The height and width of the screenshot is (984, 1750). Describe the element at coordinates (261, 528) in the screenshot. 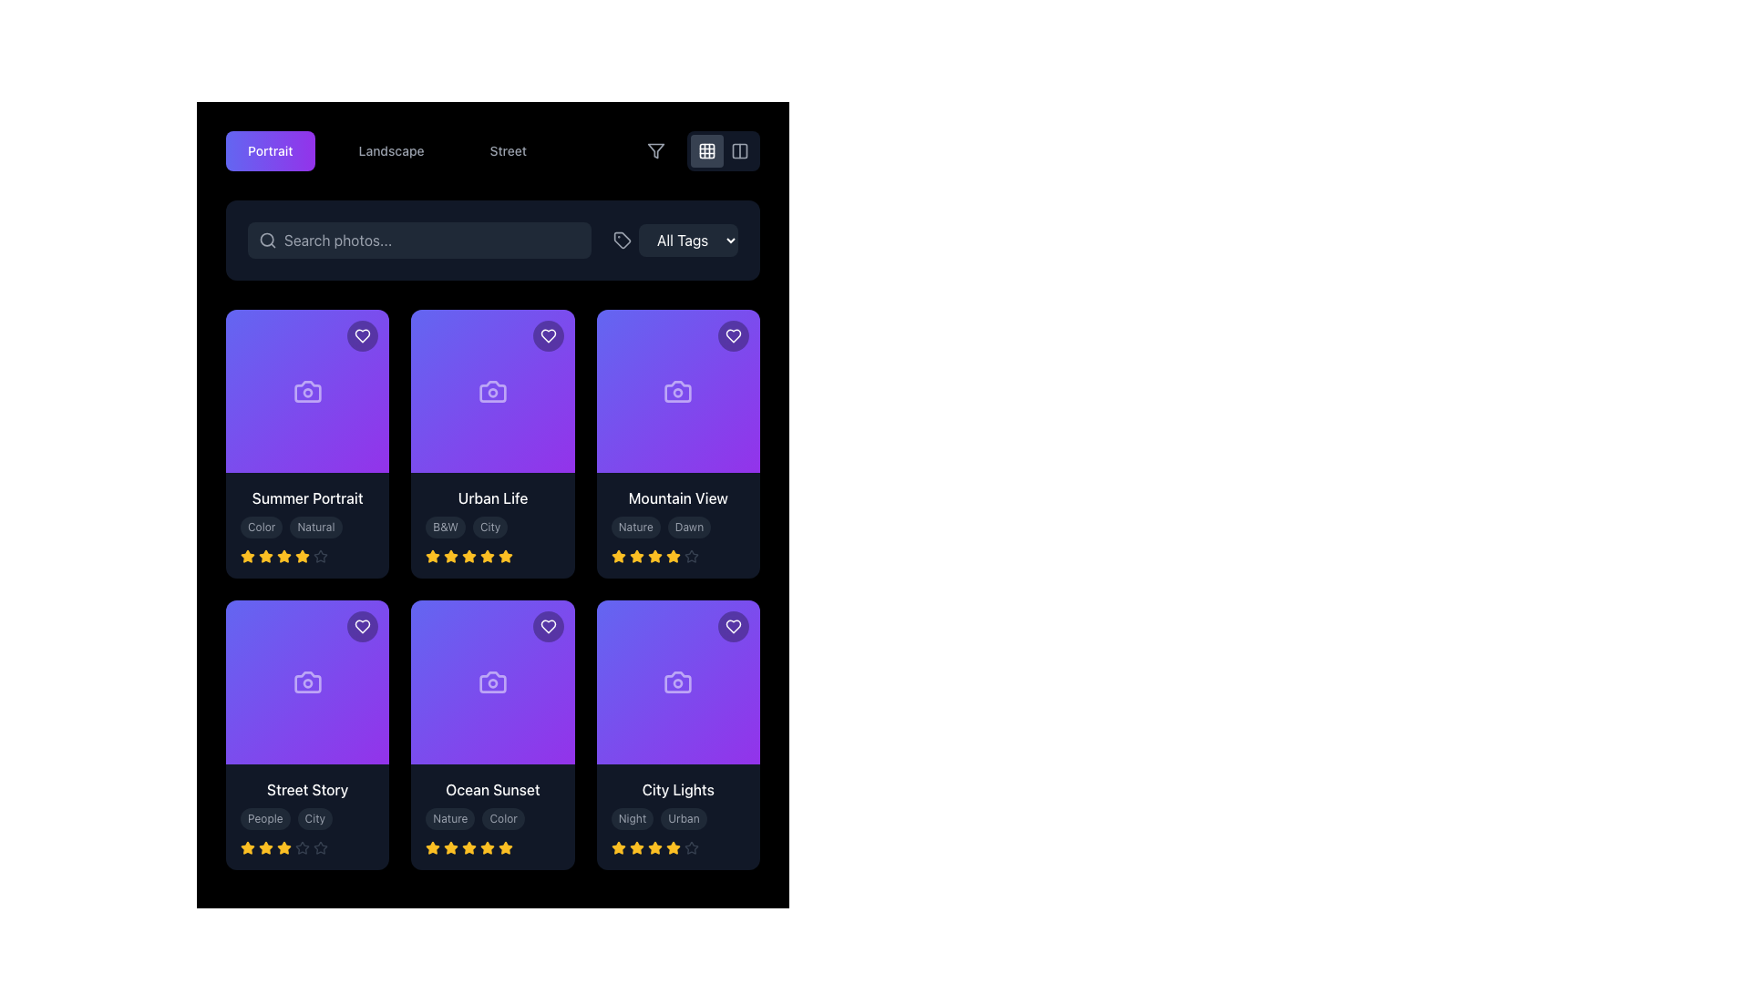

I see `the static text label that serves as a descriptive tag for the content associated with the card, located below the title 'Summer Portrait' in the top-left card of the grid layout` at that location.